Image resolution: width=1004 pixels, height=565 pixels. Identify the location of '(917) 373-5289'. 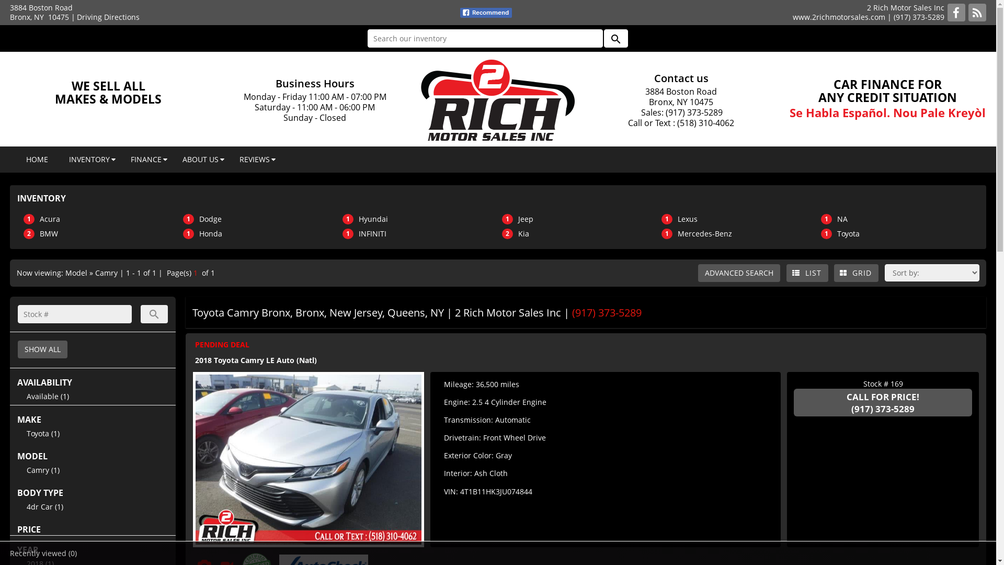
(882, 408).